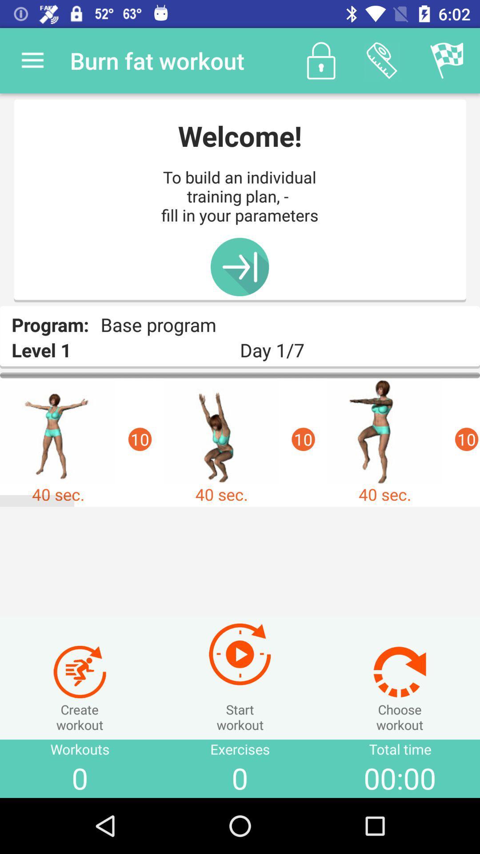 Image resolution: width=480 pixels, height=854 pixels. What do you see at coordinates (239, 266) in the screenshot?
I see `item below the to build an` at bounding box center [239, 266].